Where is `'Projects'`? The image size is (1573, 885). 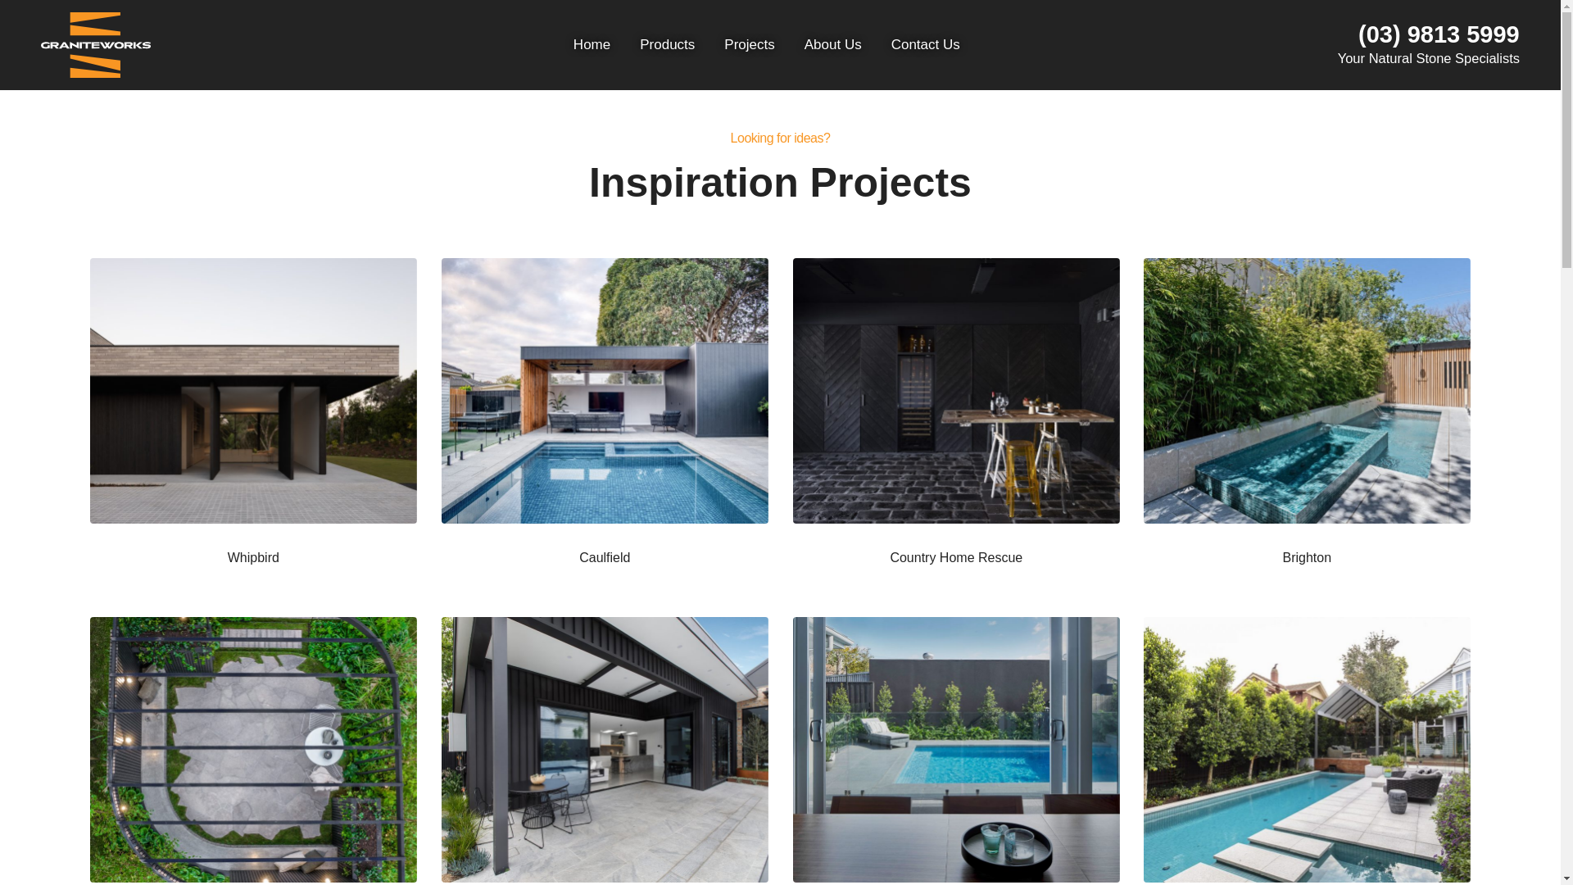 'Projects' is located at coordinates (748, 43).